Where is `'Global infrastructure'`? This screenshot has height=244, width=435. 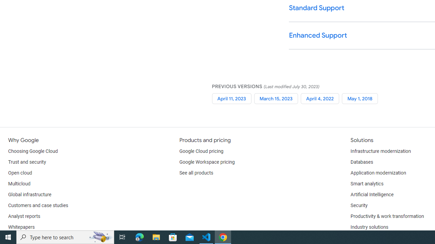
'Global infrastructure' is located at coordinates (30, 195).